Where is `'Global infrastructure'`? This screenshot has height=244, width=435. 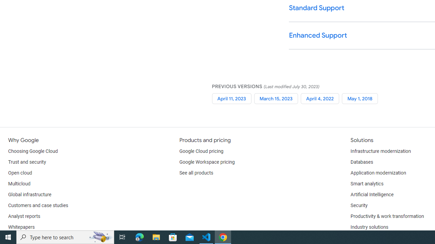
'Global infrastructure' is located at coordinates (30, 195).